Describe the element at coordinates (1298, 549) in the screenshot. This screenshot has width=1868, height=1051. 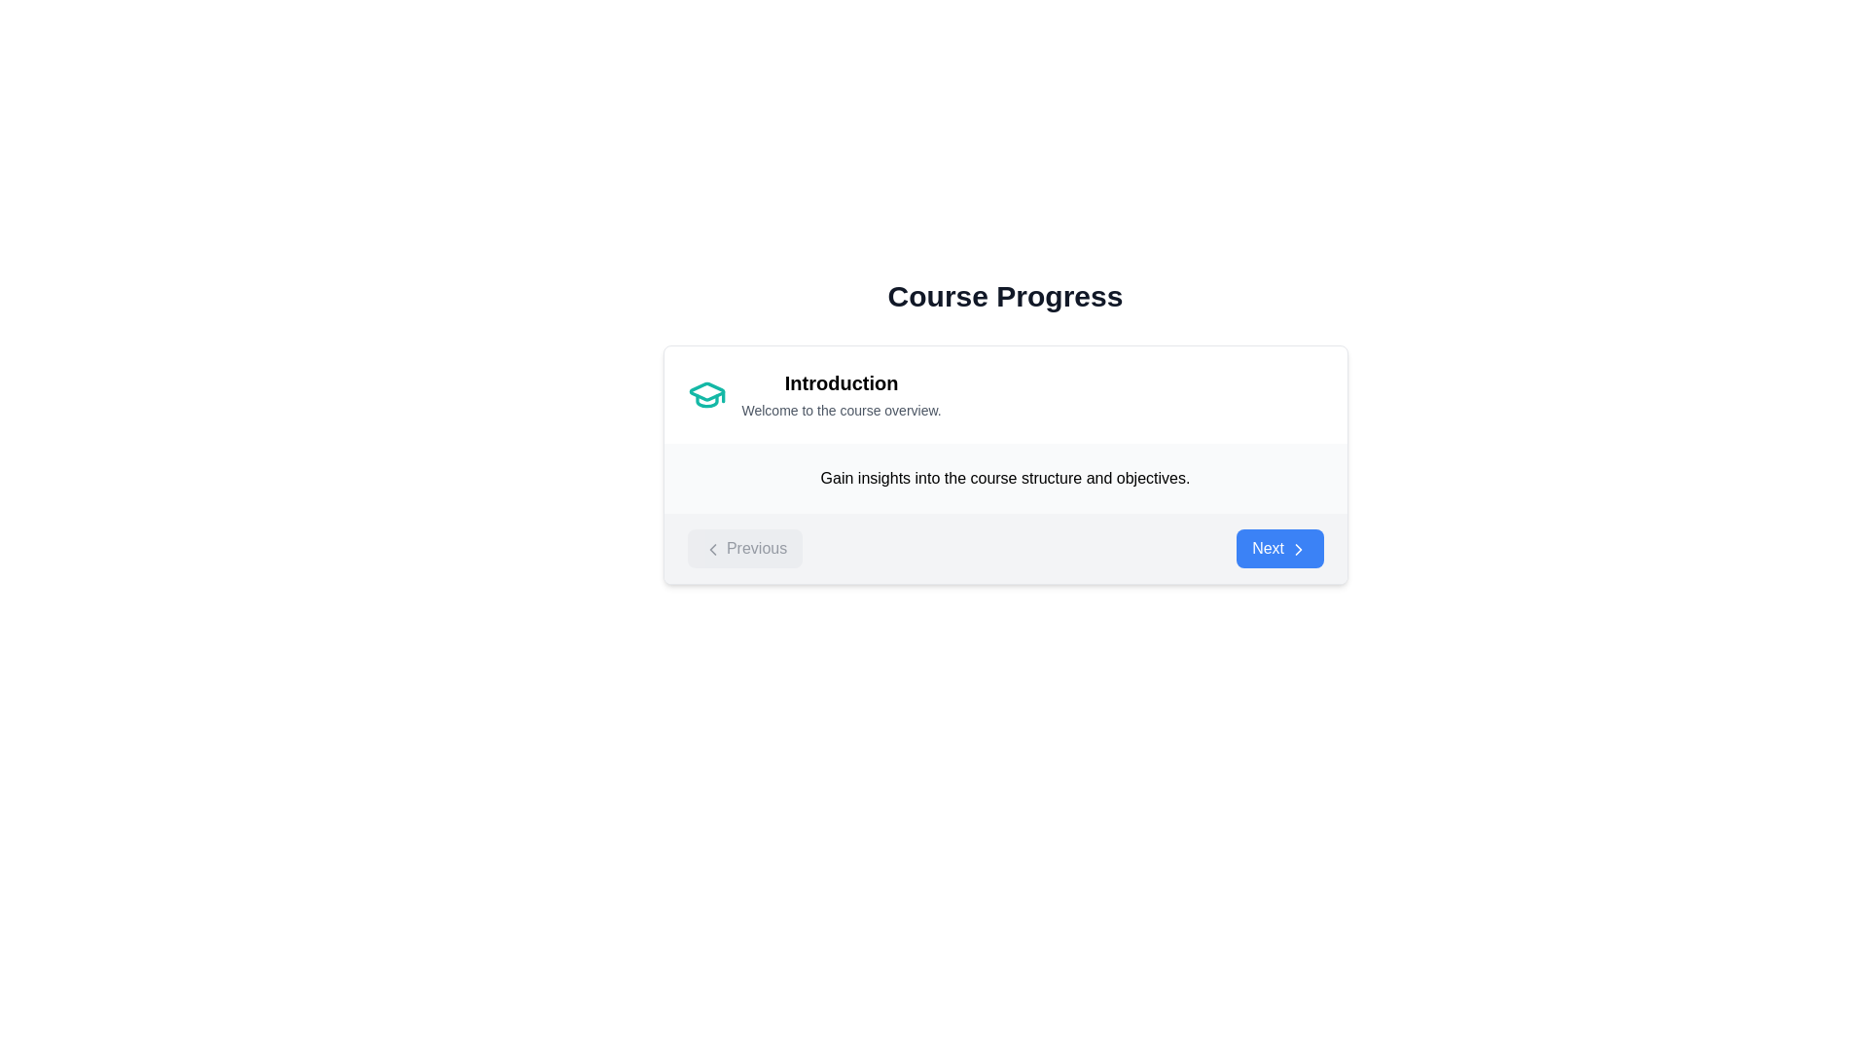
I see `the rightward-pointing chevron arrow icon located at the far-right end of the 'Next' button adjacent to the text label 'Next'` at that location.